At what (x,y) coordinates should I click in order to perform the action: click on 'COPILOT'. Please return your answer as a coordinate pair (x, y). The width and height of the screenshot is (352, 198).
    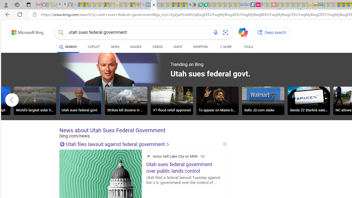
    Looking at the image, I should click on (94, 47).